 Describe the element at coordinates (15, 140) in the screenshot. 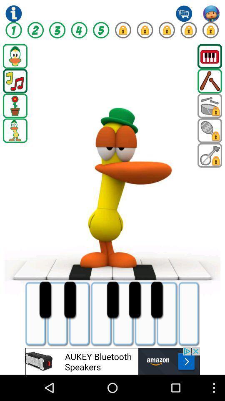

I see `the location icon` at that location.